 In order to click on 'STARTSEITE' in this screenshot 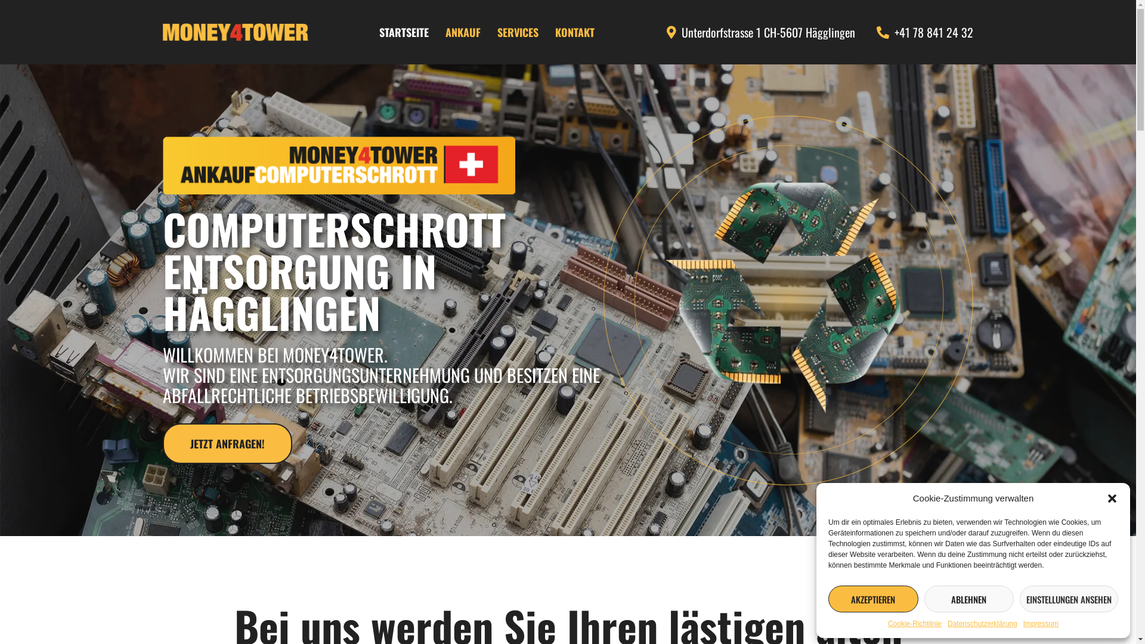, I will do `click(404, 32)`.